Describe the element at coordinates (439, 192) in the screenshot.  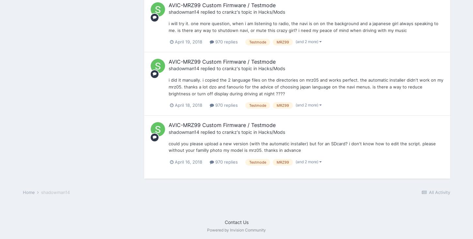
I see `'All Activity'` at that location.